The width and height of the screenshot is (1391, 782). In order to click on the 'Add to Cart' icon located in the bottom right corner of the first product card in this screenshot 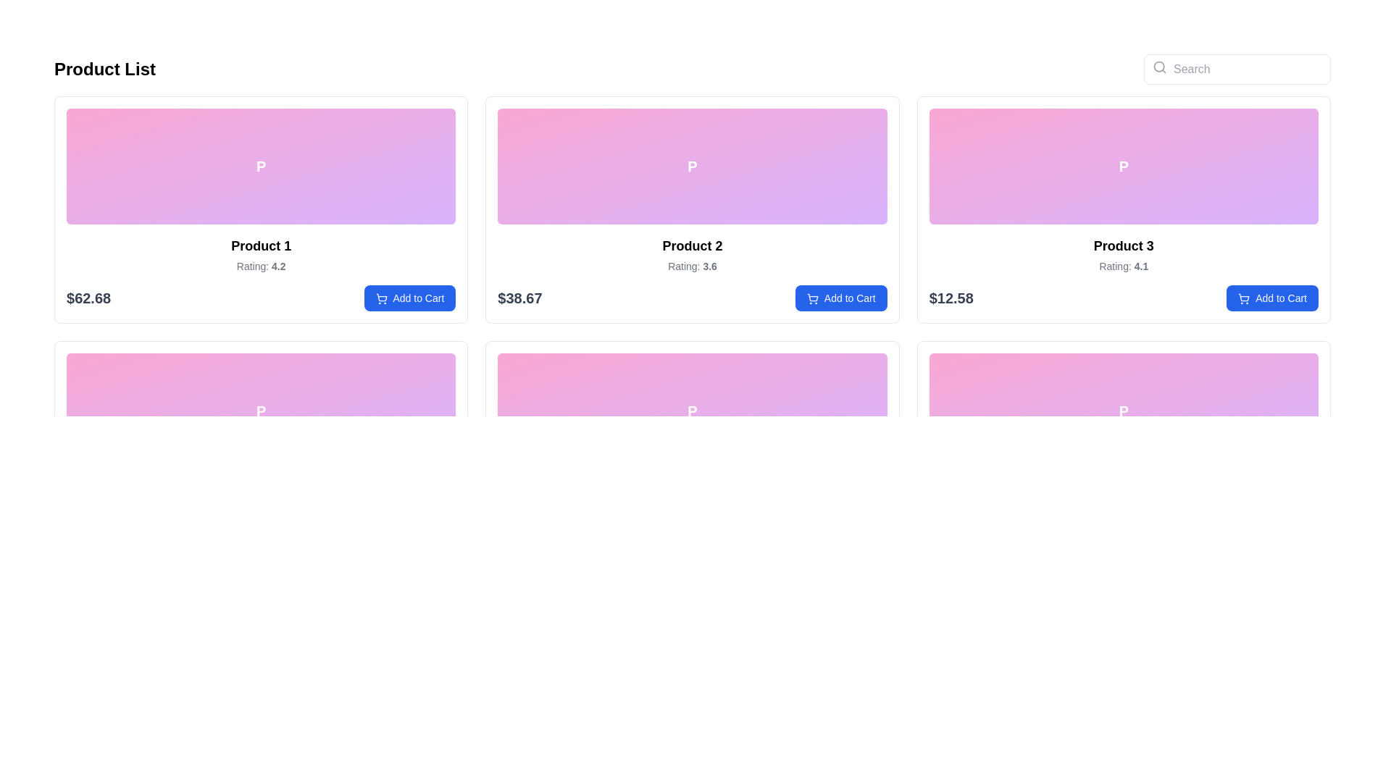, I will do `click(381, 297)`.